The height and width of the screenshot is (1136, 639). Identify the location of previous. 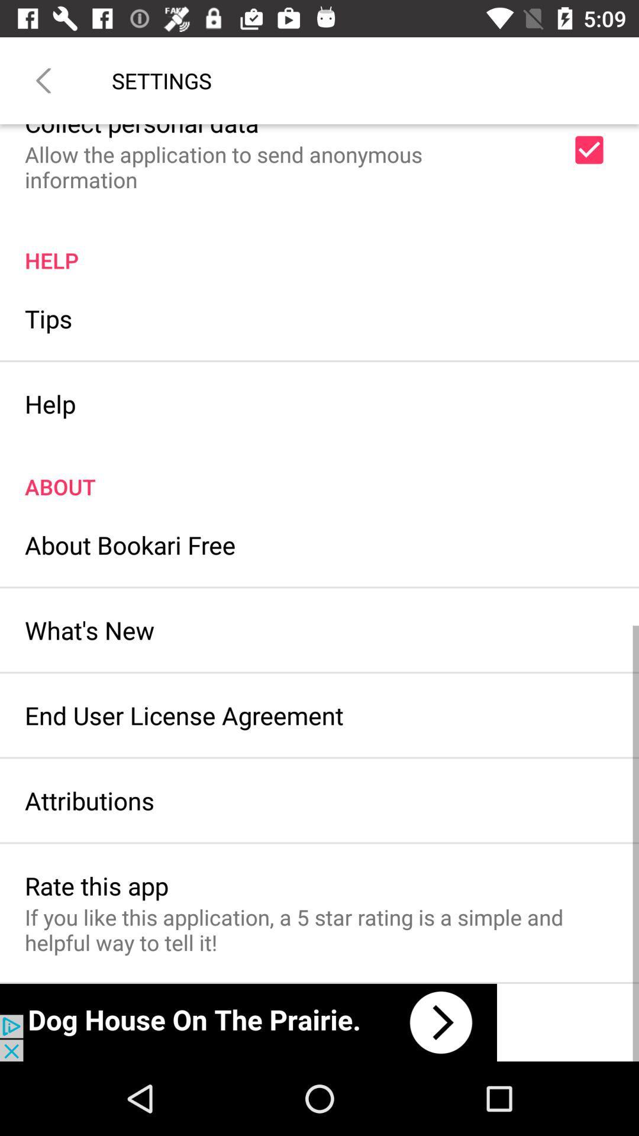
(43, 80).